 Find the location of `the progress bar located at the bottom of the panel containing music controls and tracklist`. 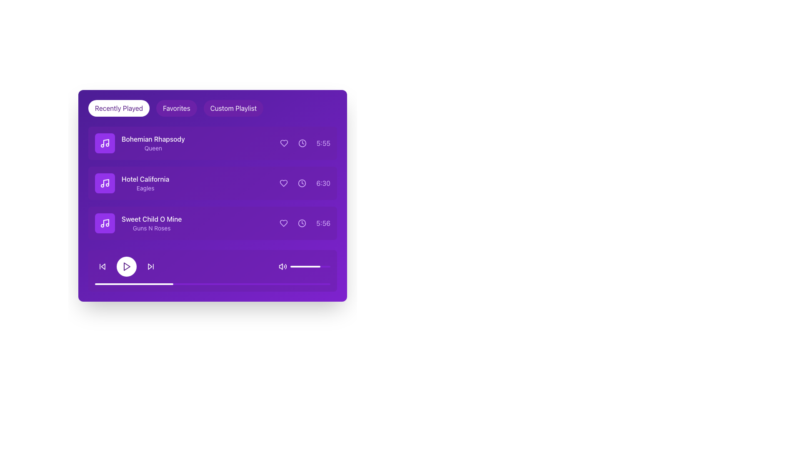

the progress bar located at the bottom of the panel containing music controls and tracklist is located at coordinates (212, 284).